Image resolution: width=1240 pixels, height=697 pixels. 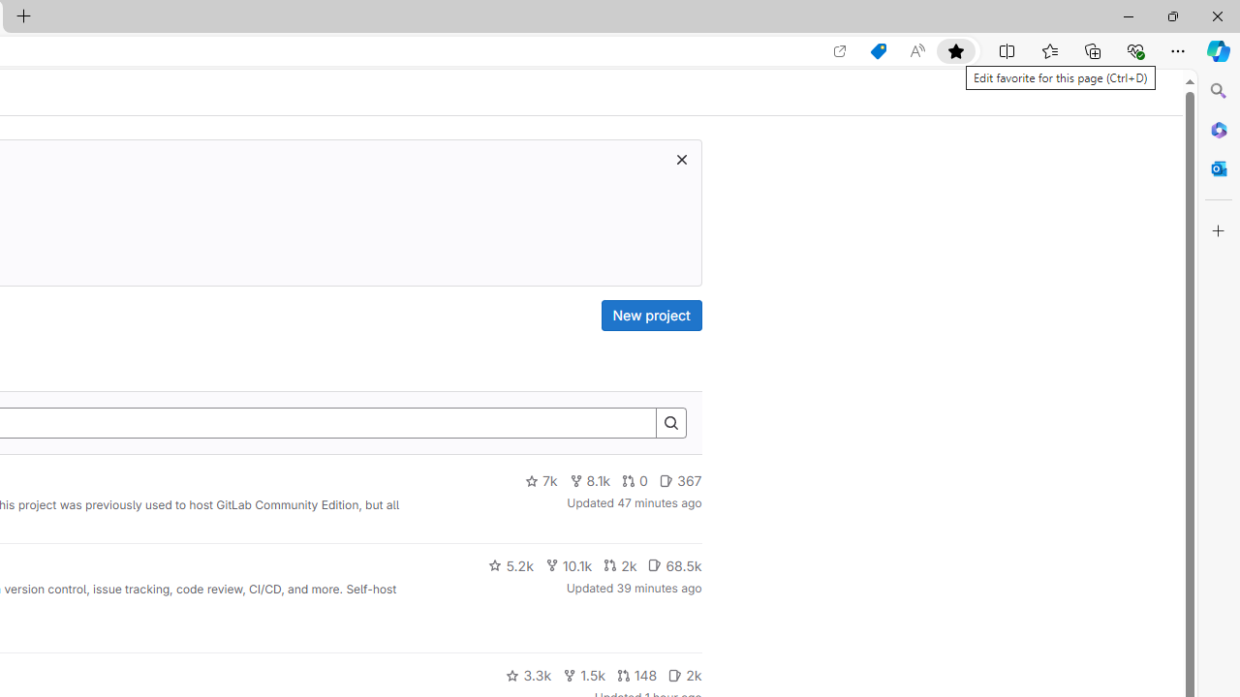 I want to click on '2k', so click(x=685, y=675).